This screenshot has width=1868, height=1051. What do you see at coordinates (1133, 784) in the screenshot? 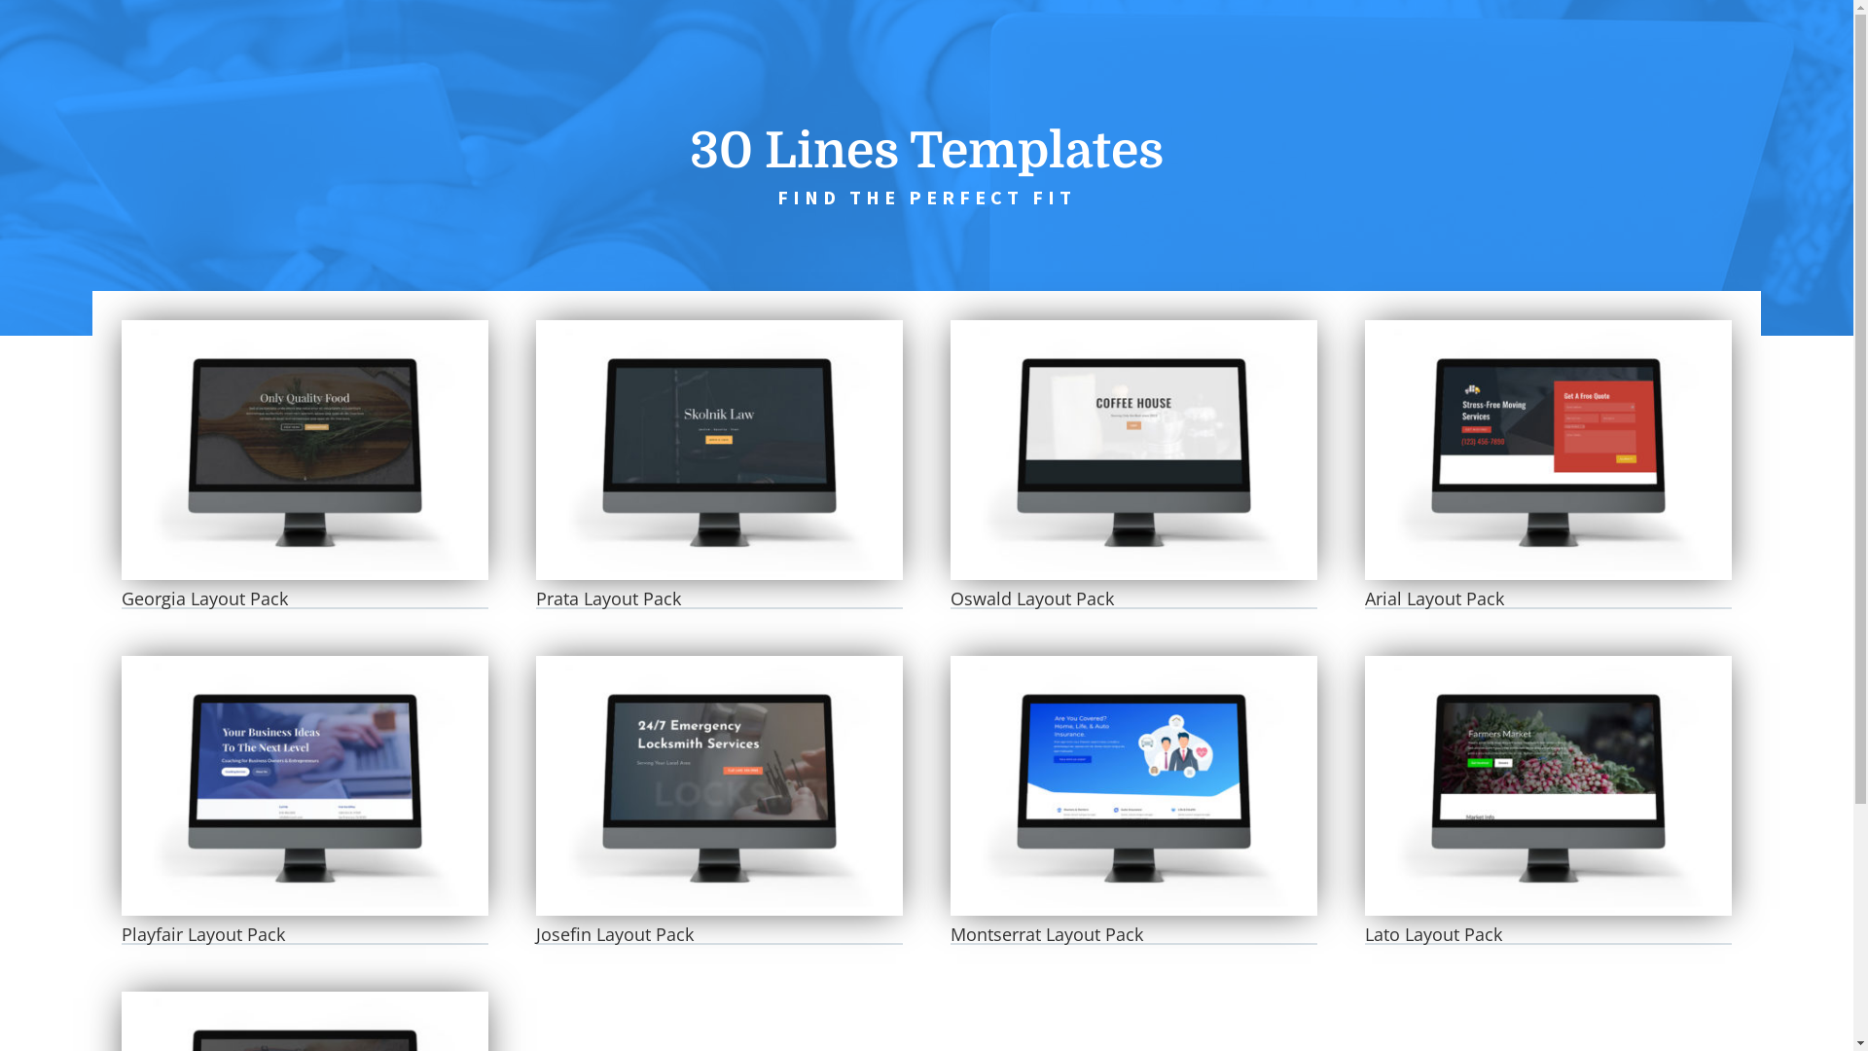
I see `'Montserrat Layout Pack'` at bounding box center [1133, 784].